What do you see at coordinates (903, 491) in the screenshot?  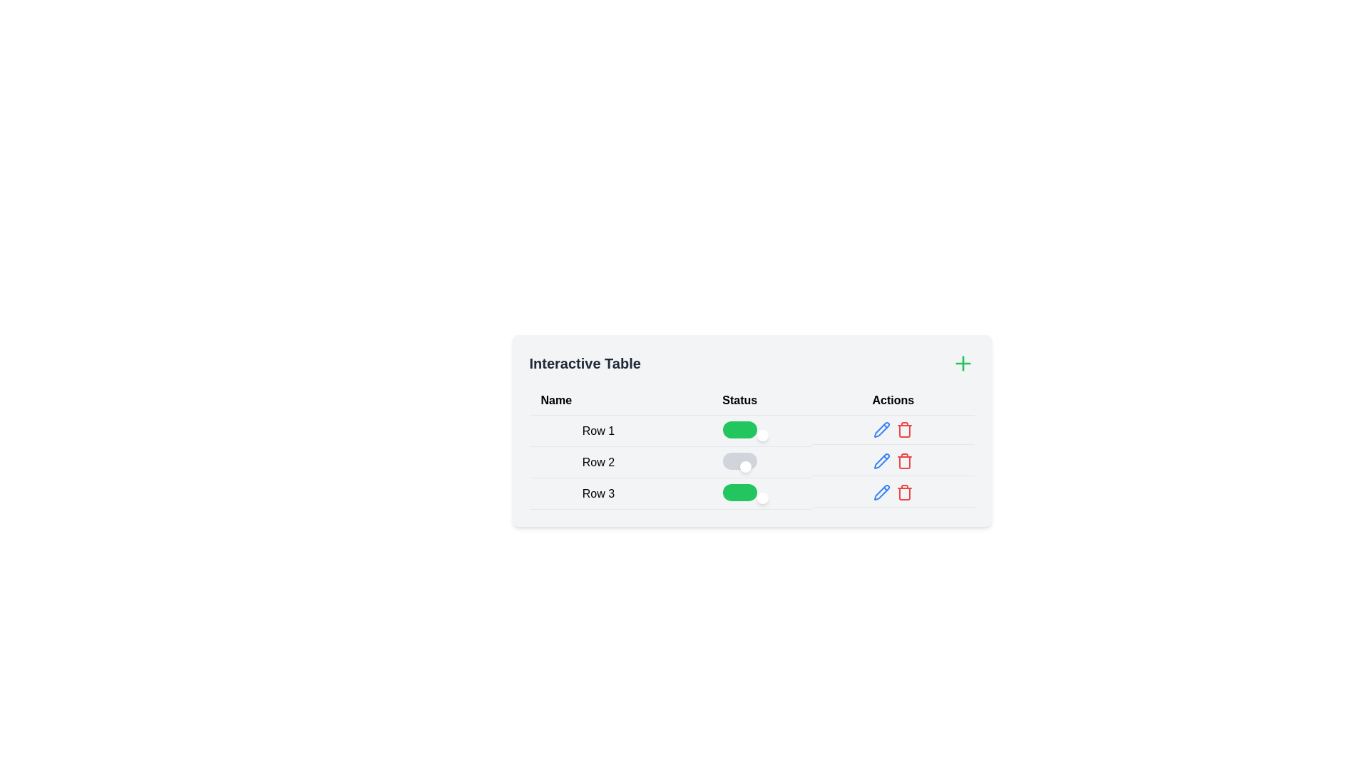 I see `the trash icon button located in the 'Actions' column of the third row to possibly reveal additional information` at bounding box center [903, 491].